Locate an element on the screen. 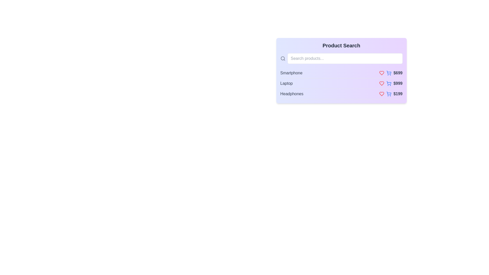  the blue shopping cart icon located between the heart icon and the price label reading '$699' in the topmost product entry is located at coordinates (388, 73).